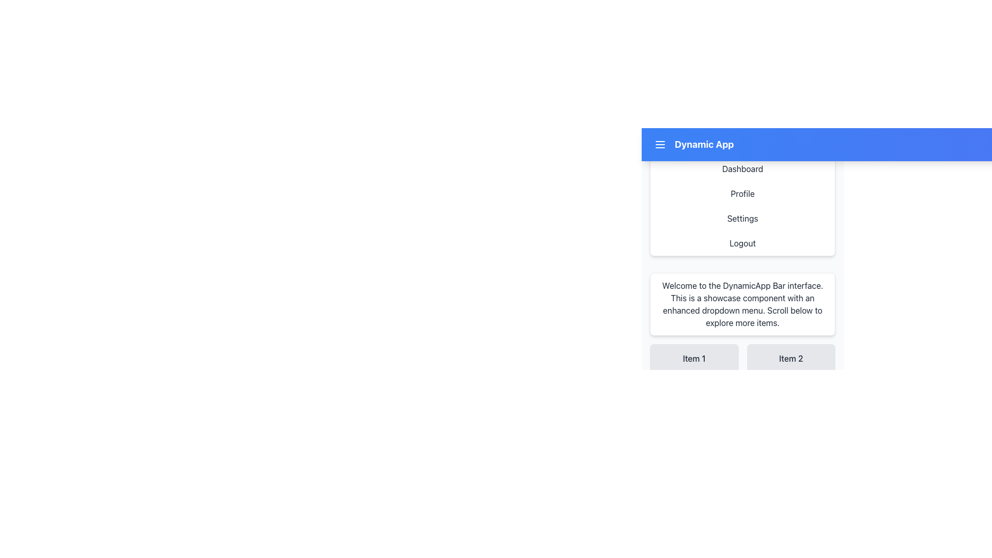  Describe the element at coordinates (659, 145) in the screenshot. I see `the small, light blue square button with rounded corners that contains a white icon of three horizontal lines, located in the upper left corner of the blue header bar labeled 'Dynamic App'` at that location.